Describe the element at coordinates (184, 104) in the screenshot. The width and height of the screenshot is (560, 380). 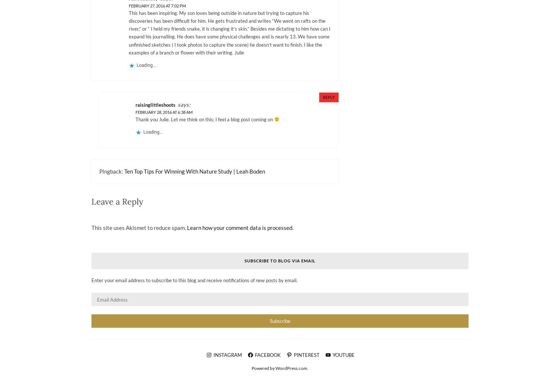
I see `'says:'` at that location.